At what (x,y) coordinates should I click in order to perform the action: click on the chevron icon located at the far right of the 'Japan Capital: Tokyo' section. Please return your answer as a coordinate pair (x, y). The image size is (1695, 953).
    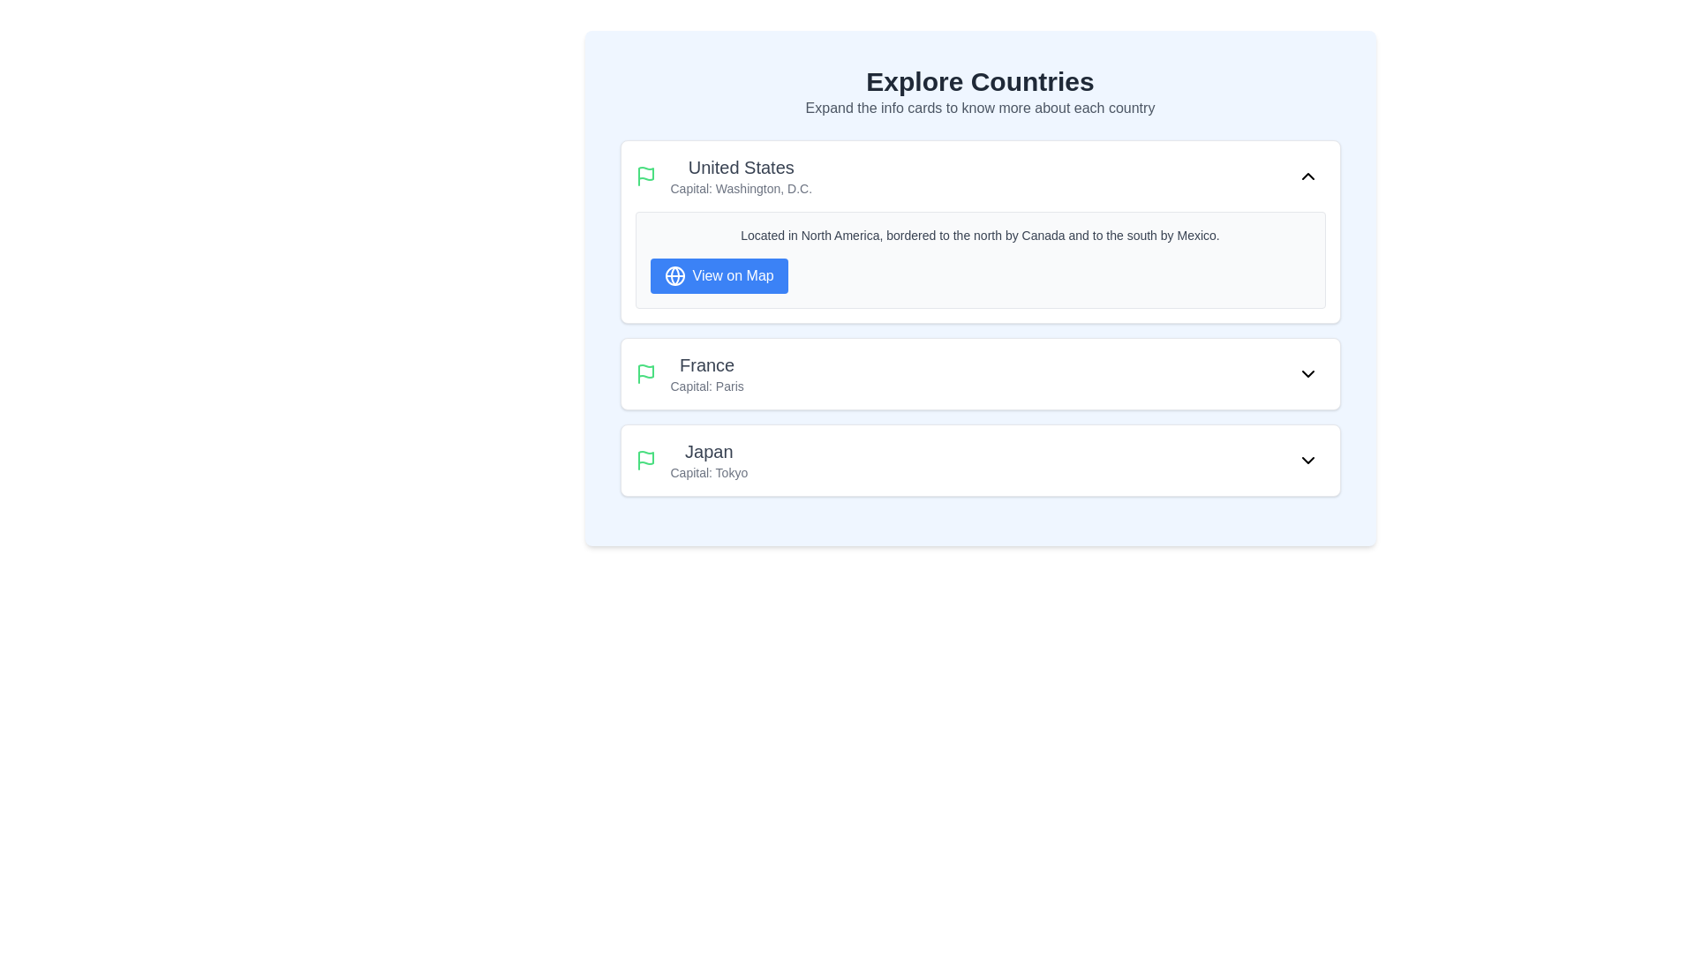
    Looking at the image, I should click on (1307, 459).